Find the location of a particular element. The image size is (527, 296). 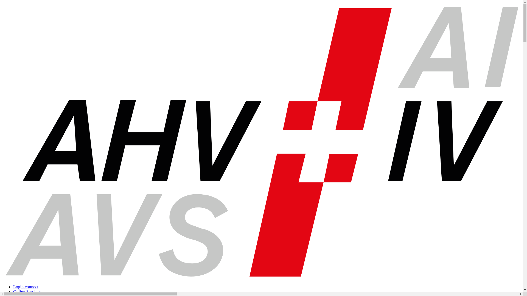

'Online Services' is located at coordinates (27, 291).